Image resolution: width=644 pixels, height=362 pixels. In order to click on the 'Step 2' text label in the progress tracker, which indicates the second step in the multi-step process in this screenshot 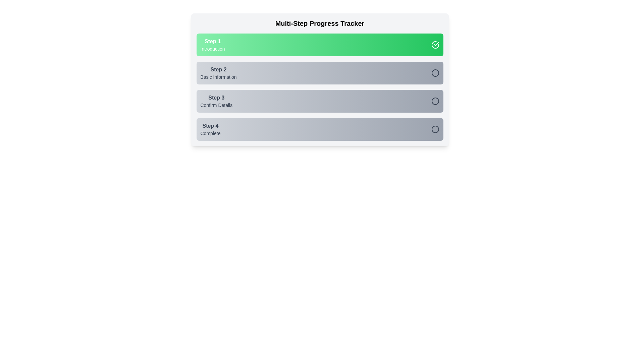, I will do `click(218, 70)`.